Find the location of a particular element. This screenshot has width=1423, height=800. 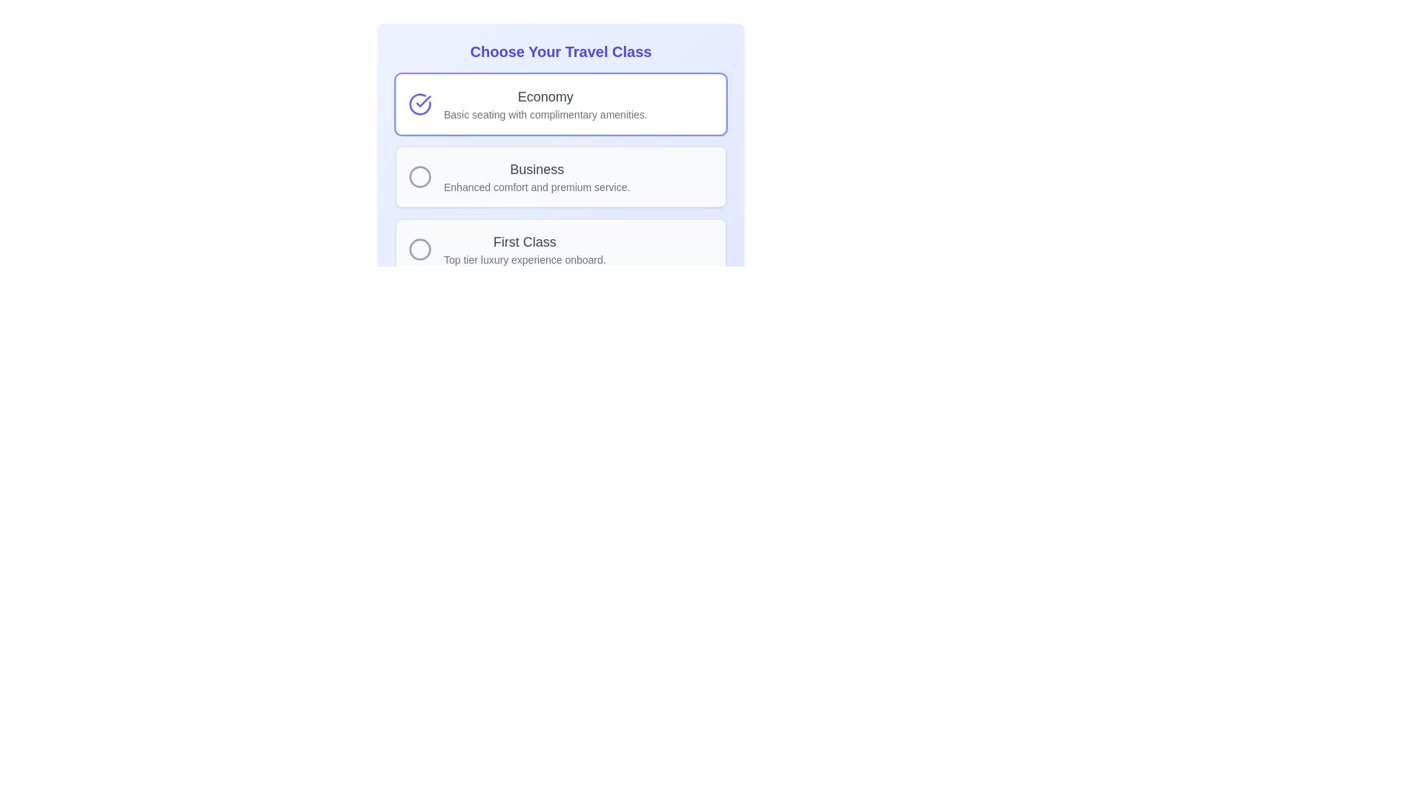

the 'Business' travel class option in the selectable option card, which is the second option in the vertical stack of travel class choices is located at coordinates (560, 176).